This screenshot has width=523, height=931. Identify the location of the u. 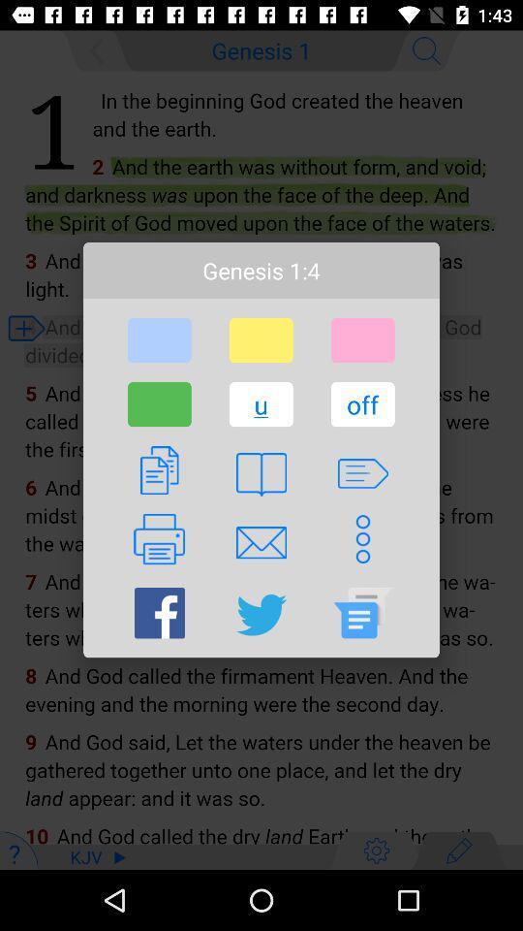
(261, 403).